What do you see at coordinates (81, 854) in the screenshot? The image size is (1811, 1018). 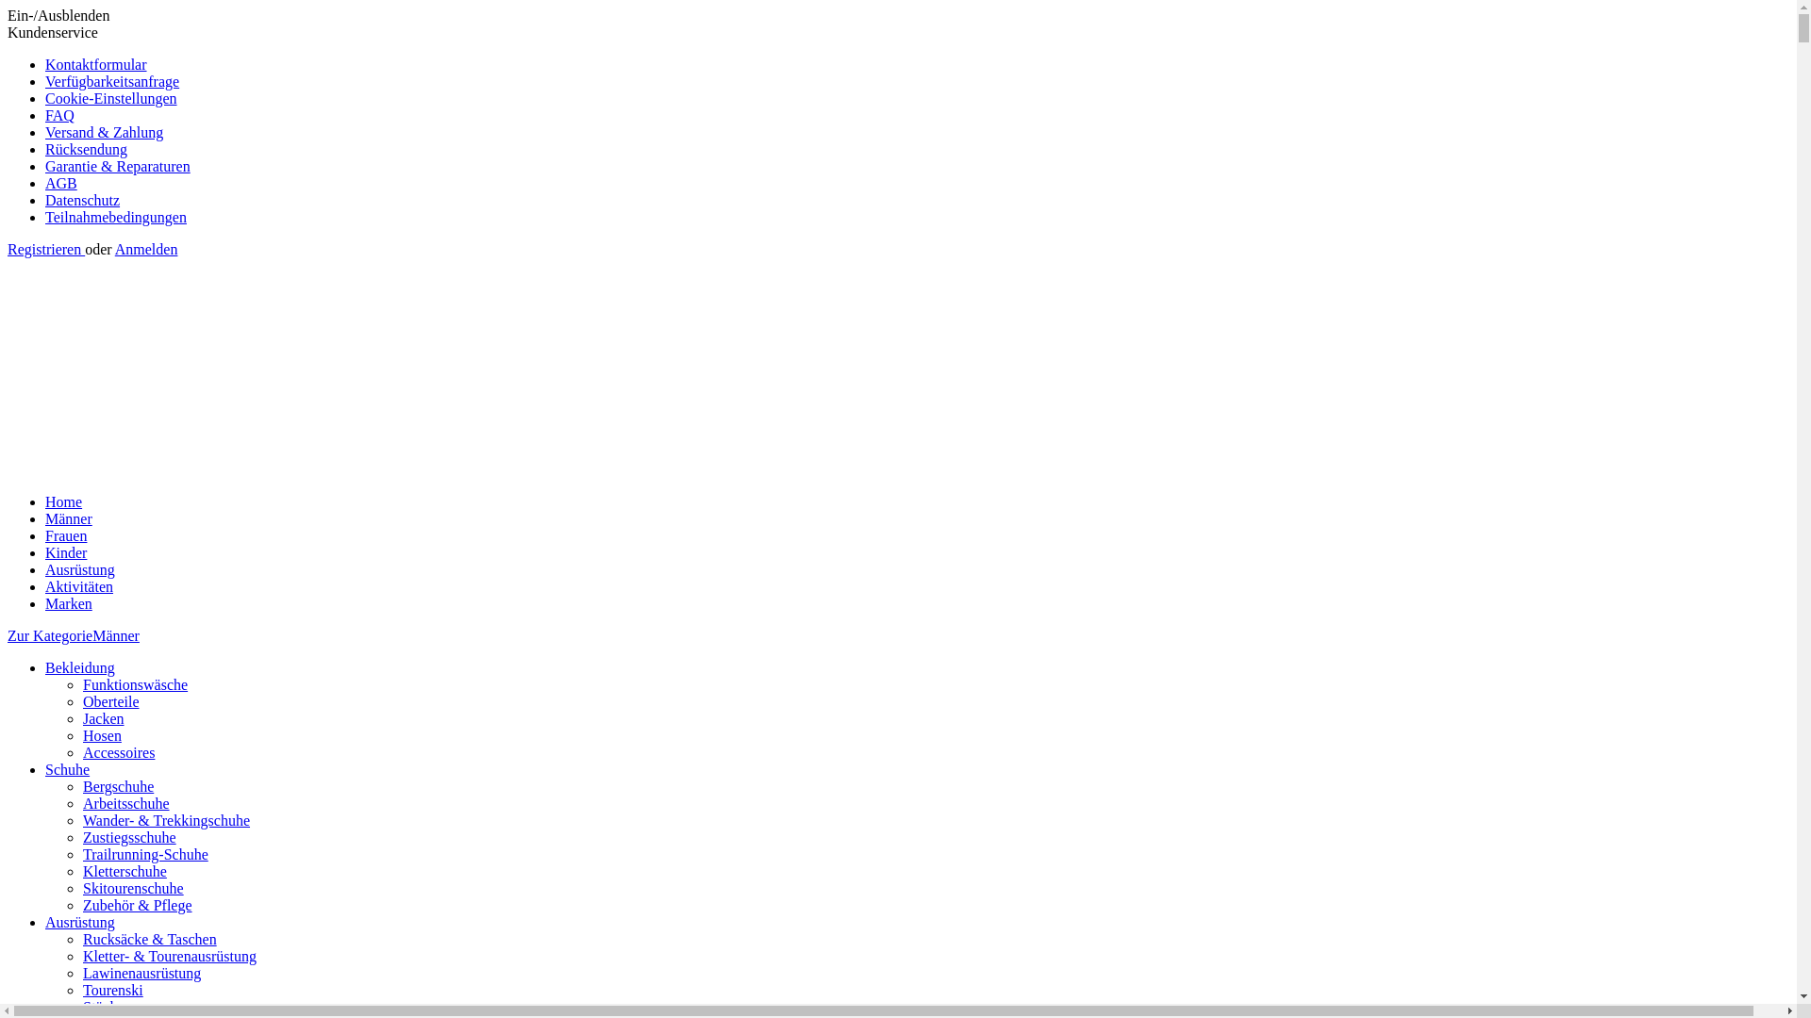 I see `'Trailrunning-Schuhe'` at bounding box center [81, 854].